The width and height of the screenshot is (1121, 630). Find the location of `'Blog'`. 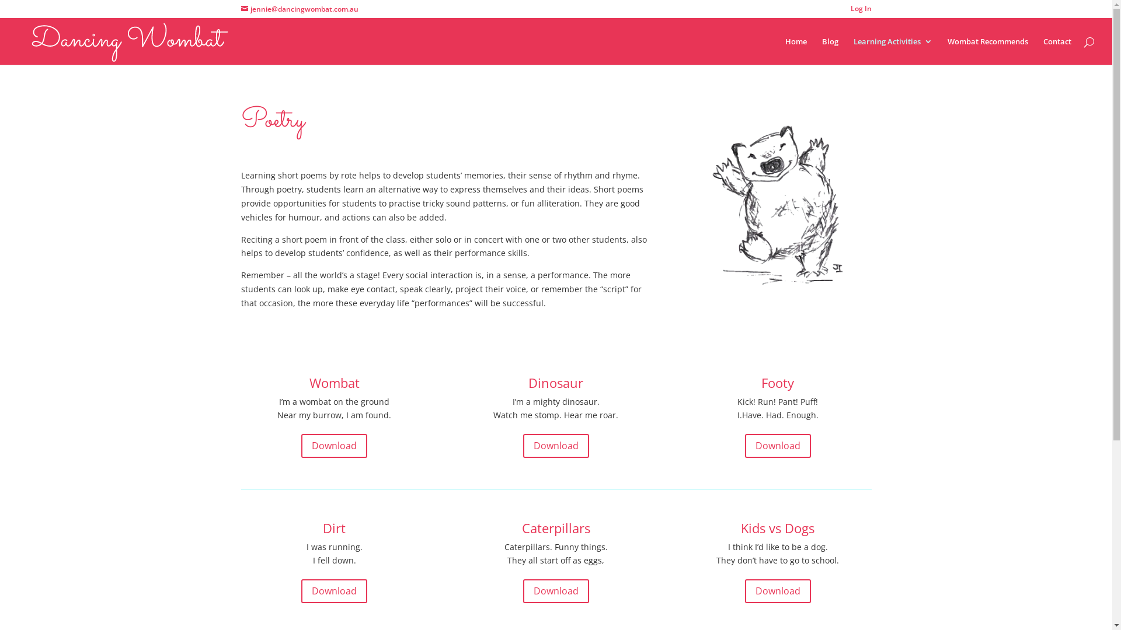

'Blog' is located at coordinates (829, 50).